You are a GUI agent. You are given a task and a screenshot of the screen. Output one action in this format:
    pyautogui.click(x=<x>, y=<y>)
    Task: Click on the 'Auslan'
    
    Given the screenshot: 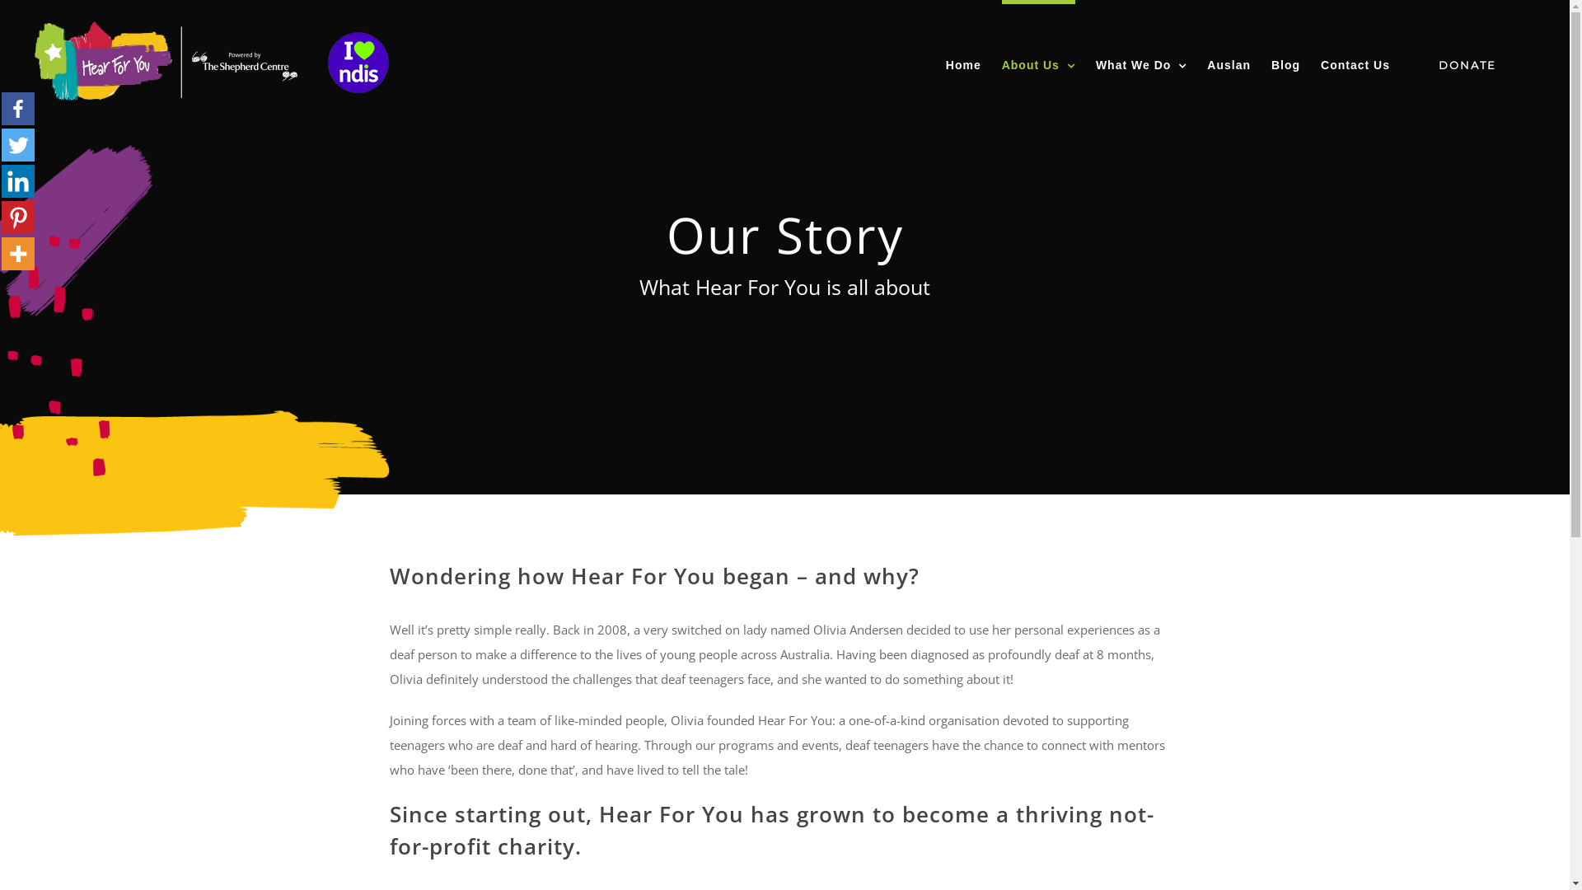 What is the action you would take?
    pyautogui.click(x=1206, y=62)
    